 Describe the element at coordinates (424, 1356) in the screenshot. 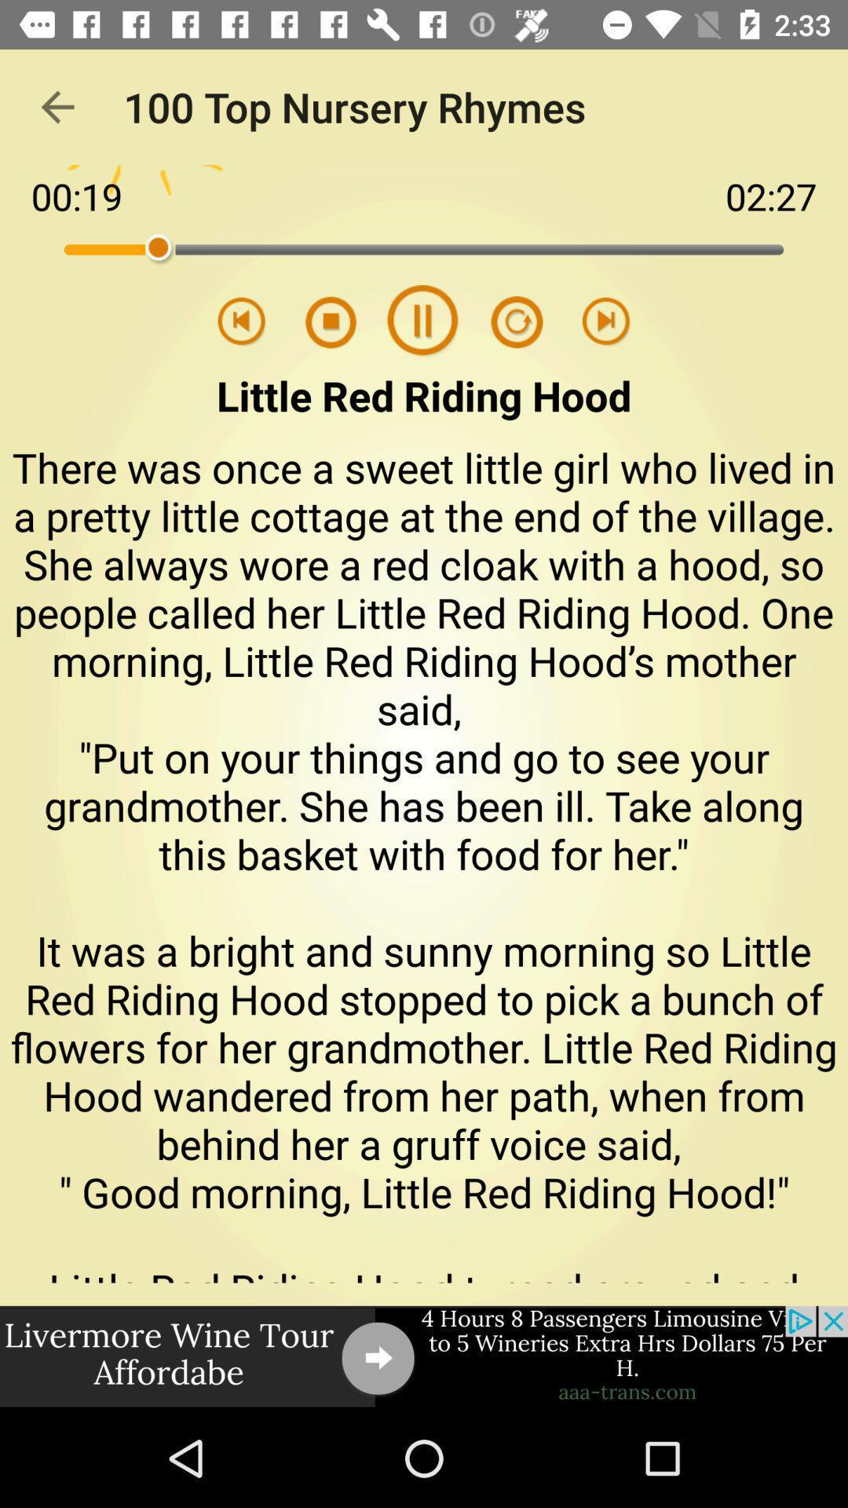

I see `advertisement at bottom` at that location.